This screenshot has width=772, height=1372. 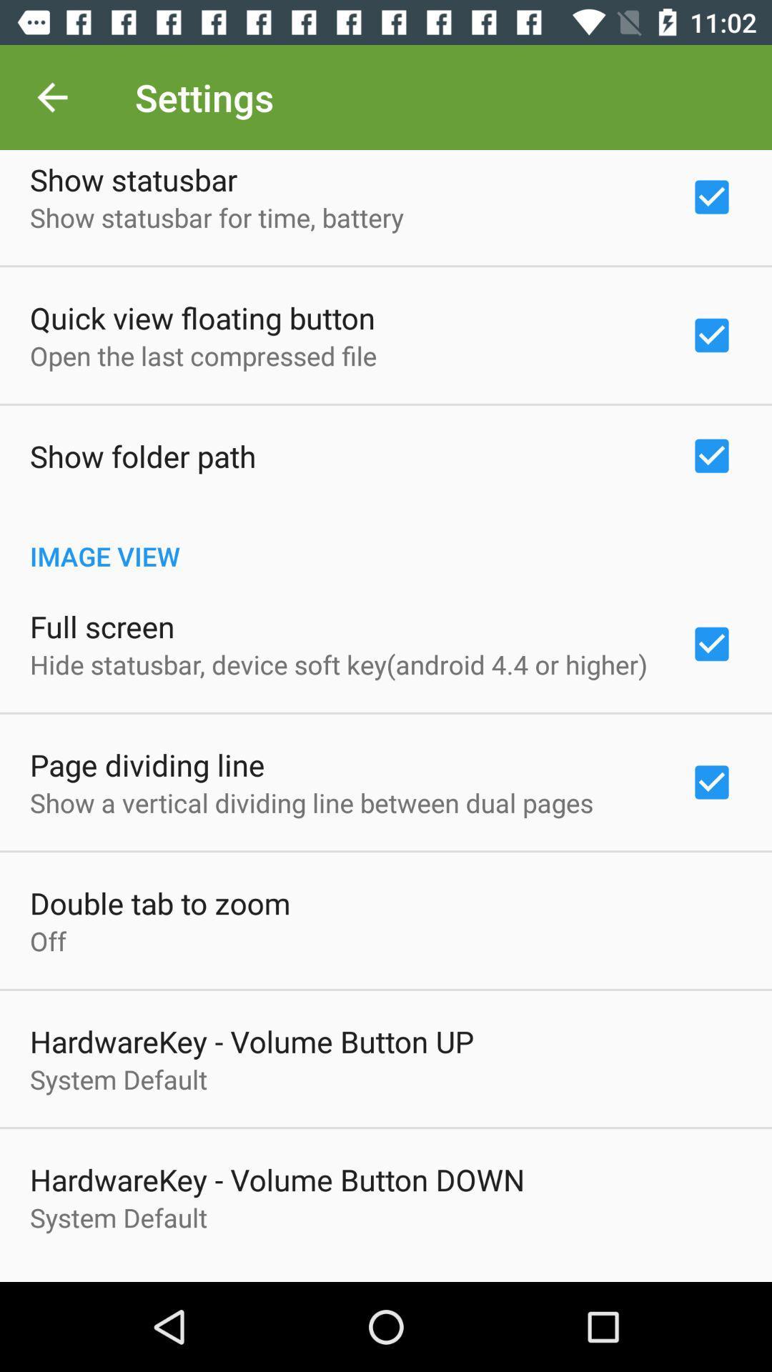 I want to click on the show a vertical icon, so click(x=311, y=802).